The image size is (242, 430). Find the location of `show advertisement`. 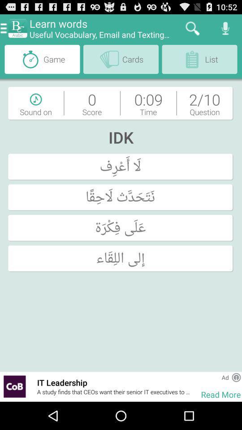

show advertisement is located at coordinates (14, 386).